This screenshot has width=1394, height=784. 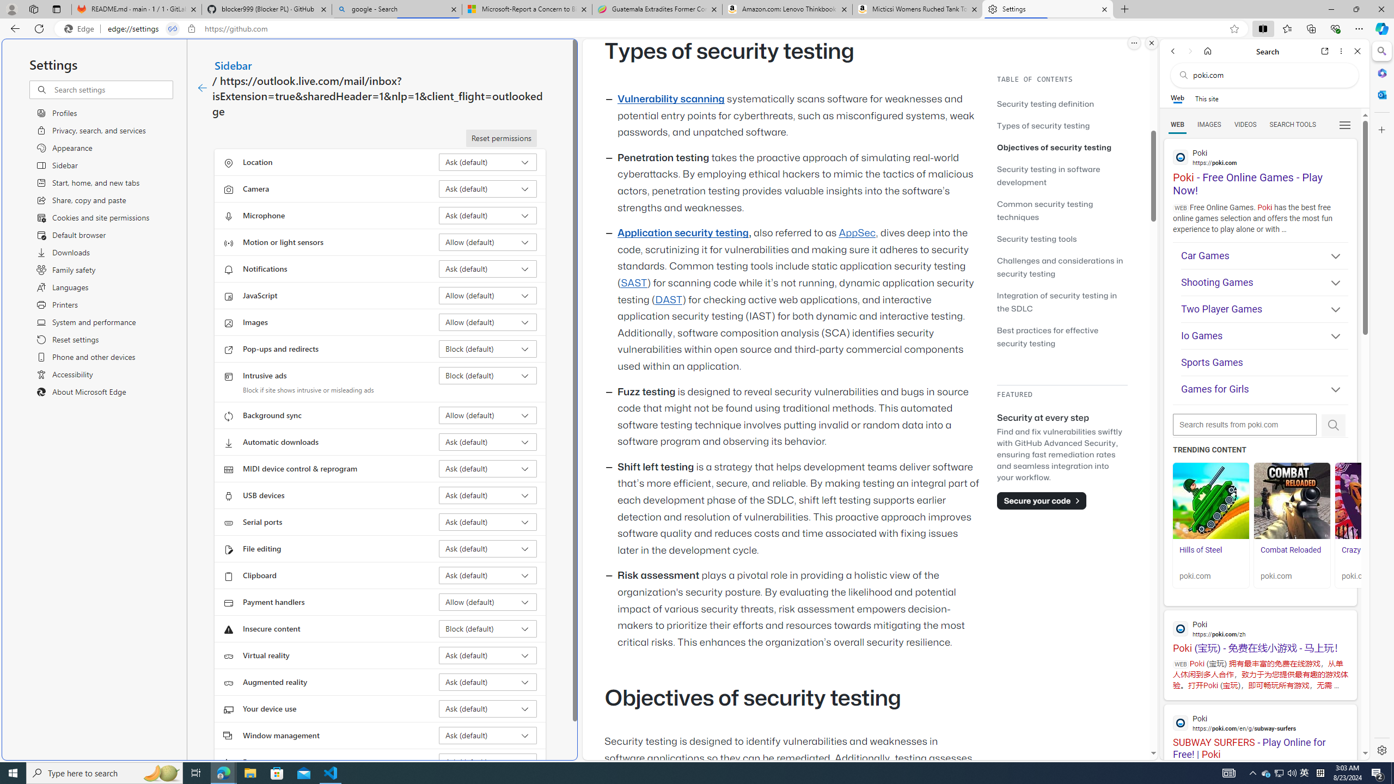 I want to click on 'SAST', so click(x=633, y=282).